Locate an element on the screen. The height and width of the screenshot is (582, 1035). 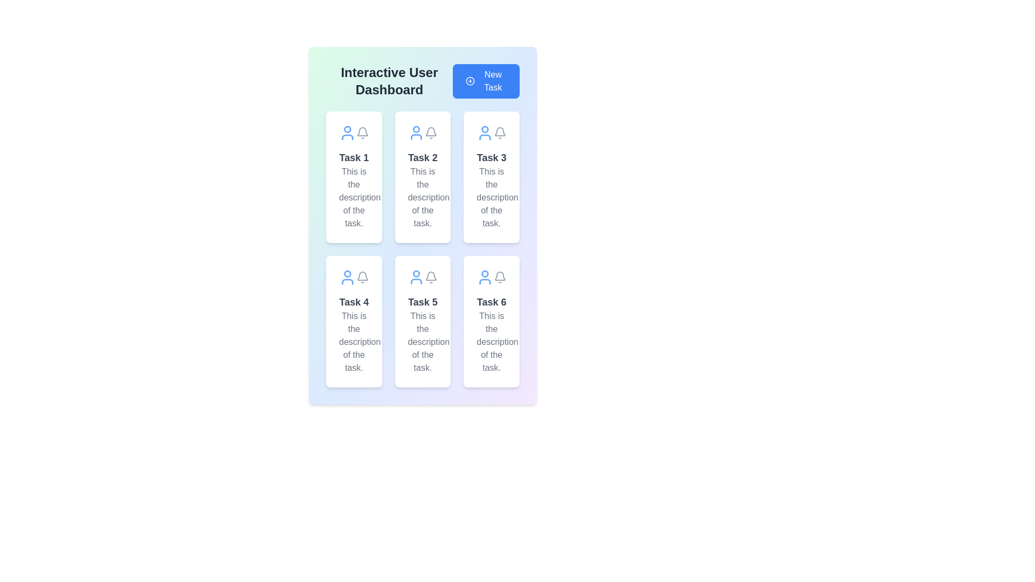
the bell-shaped notification icon, which is styled in gray and white is located at coordinates (362, 277).